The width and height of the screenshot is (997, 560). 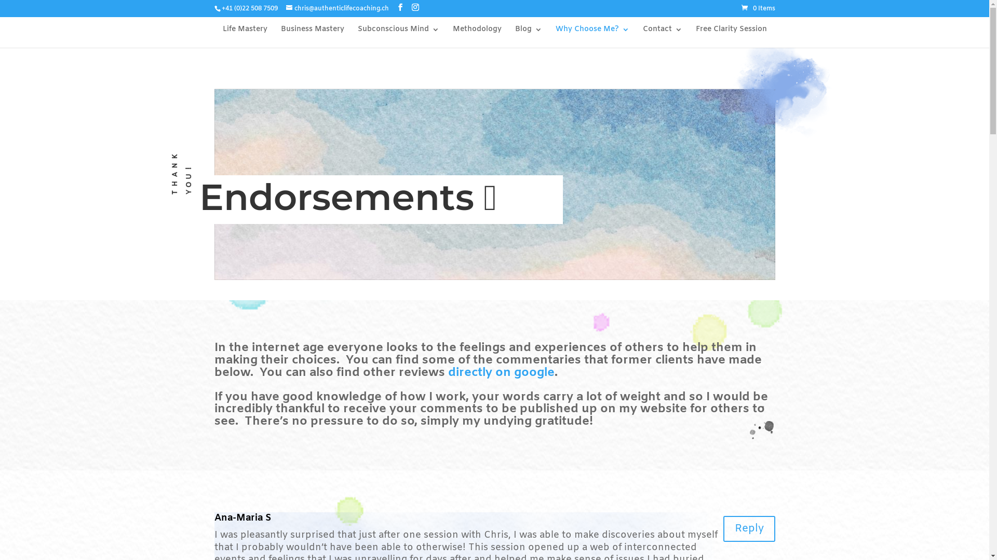 What do you see at coordinates (592, 36) in the screenshot?
I see `'Why Choose Me?'` at bounding box center [592, 36].